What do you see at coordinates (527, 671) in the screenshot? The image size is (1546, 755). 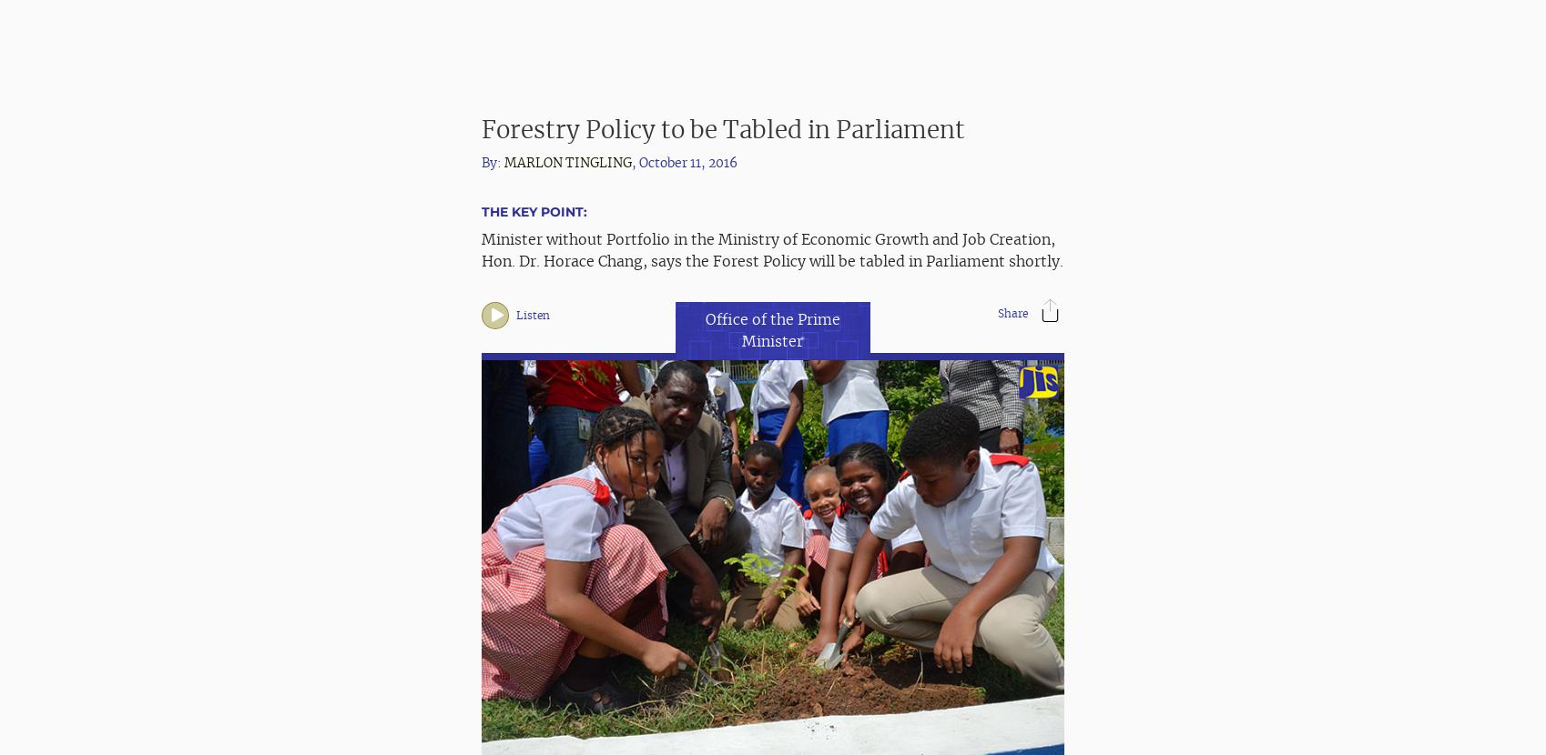 I see `'More From:'` at bounding box center [527, 671].